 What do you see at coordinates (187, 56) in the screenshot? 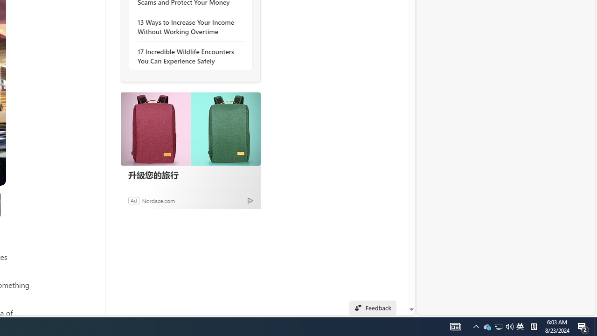
I see `'17 Incredible Wildlife Encounters You Can Experience Safely'` at bounding box center [187, 56].